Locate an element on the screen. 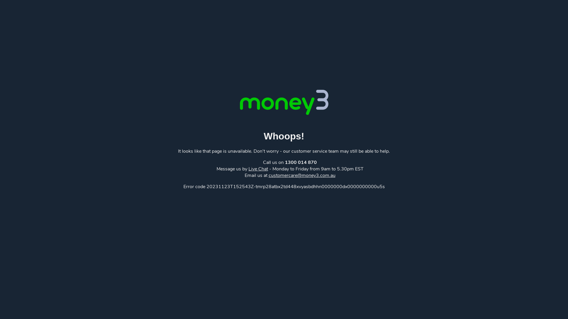 Image resolution: width=568 pixels, height=319 pixels. 'Live Chat' is located at coordinates (258, 169).